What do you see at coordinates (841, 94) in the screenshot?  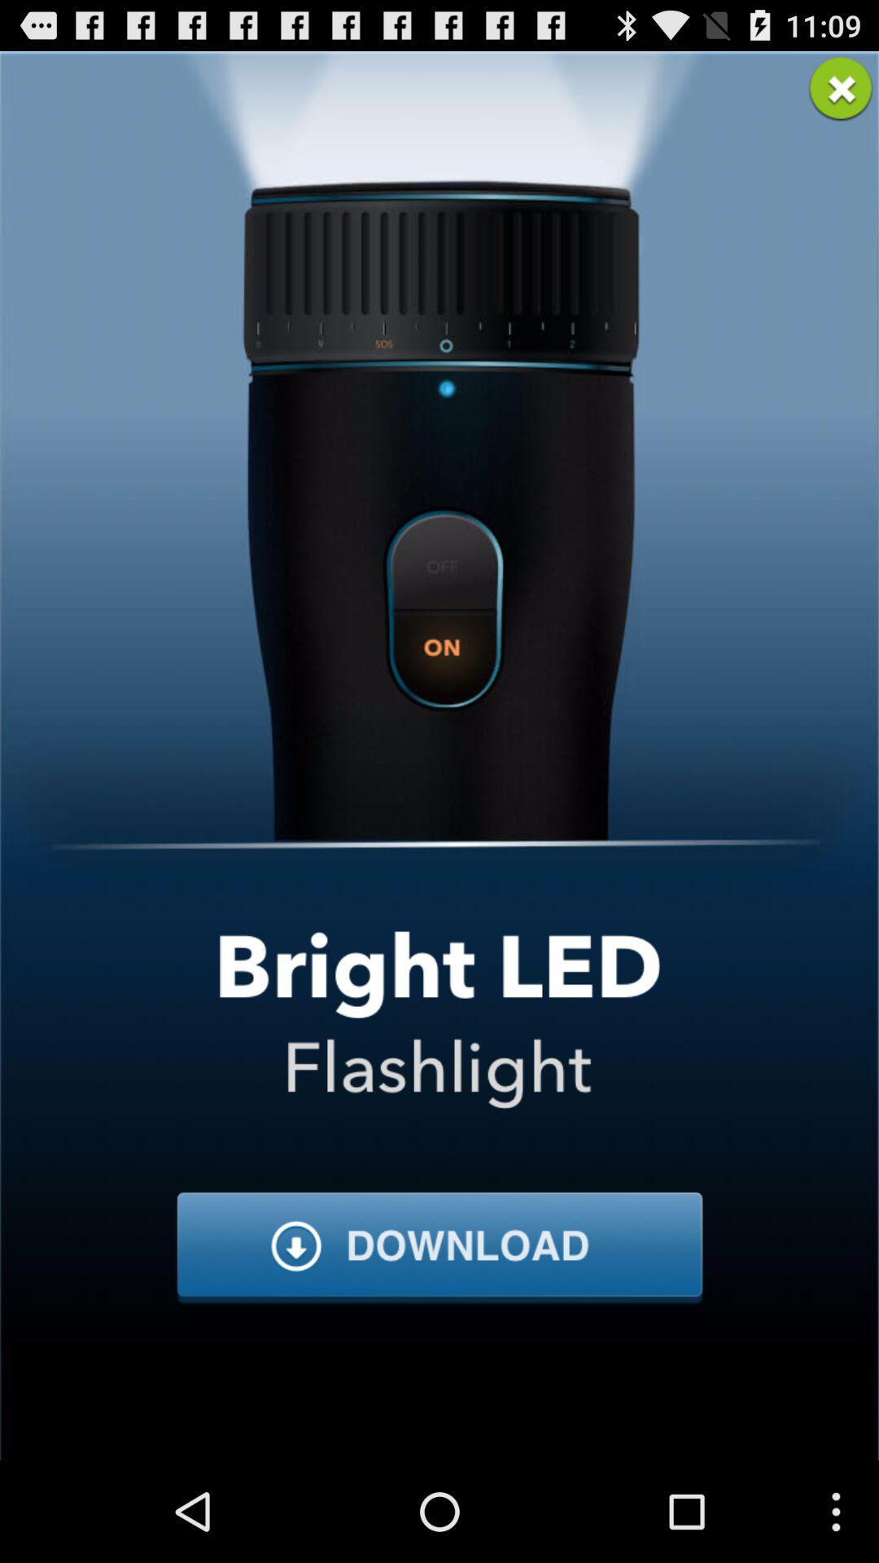 I see `the close icon` at bounding box center [841, 94].